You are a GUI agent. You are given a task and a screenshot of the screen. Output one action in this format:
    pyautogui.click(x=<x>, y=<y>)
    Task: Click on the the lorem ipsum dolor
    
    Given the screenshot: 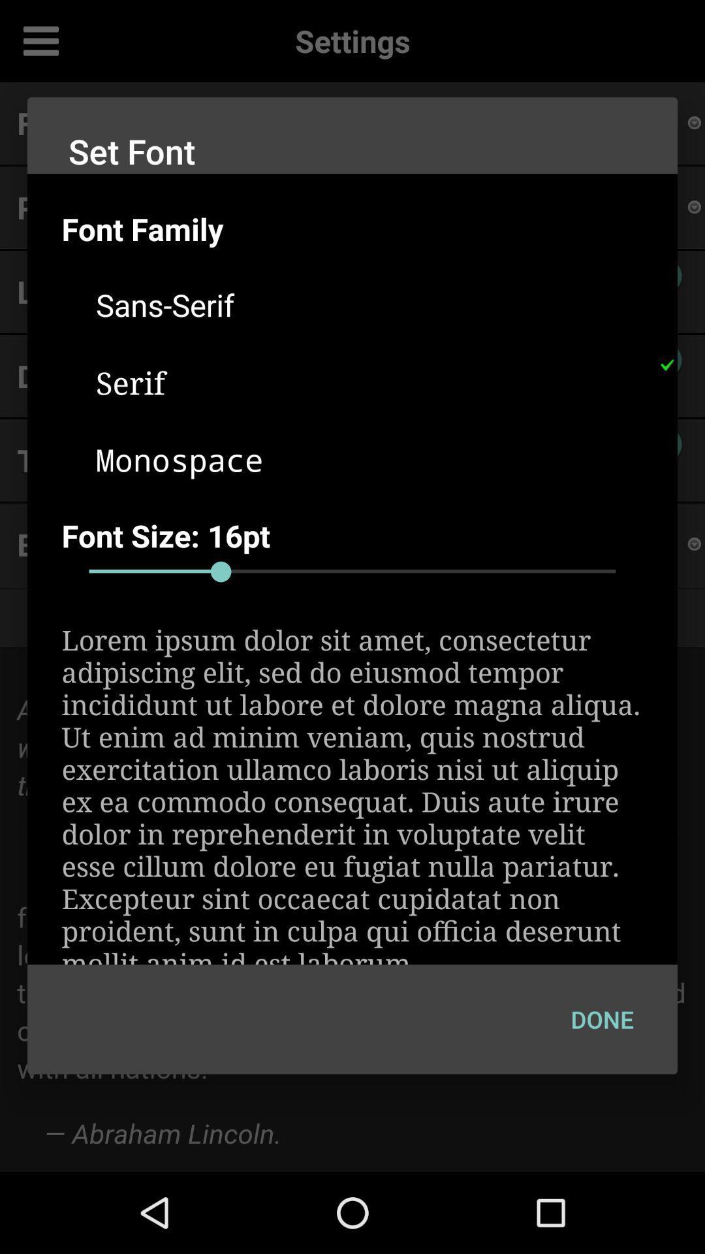 What is the action you would take?
    pyautogui.click(x=352, y=792)
    